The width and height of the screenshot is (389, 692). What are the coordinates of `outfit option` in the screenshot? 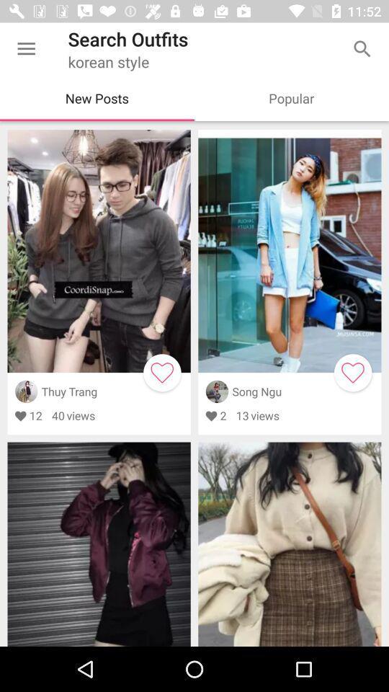 It's located at (161, 372).